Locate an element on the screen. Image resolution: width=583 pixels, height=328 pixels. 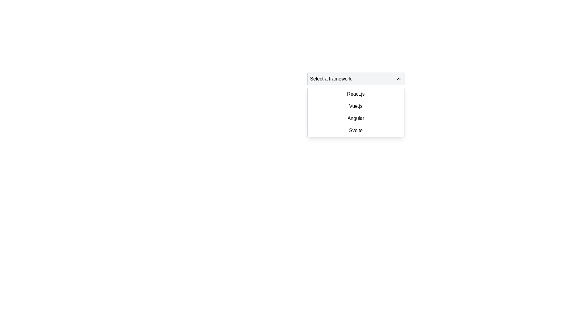
the third item in the dropdown menu is located at coordinates (356, 118).